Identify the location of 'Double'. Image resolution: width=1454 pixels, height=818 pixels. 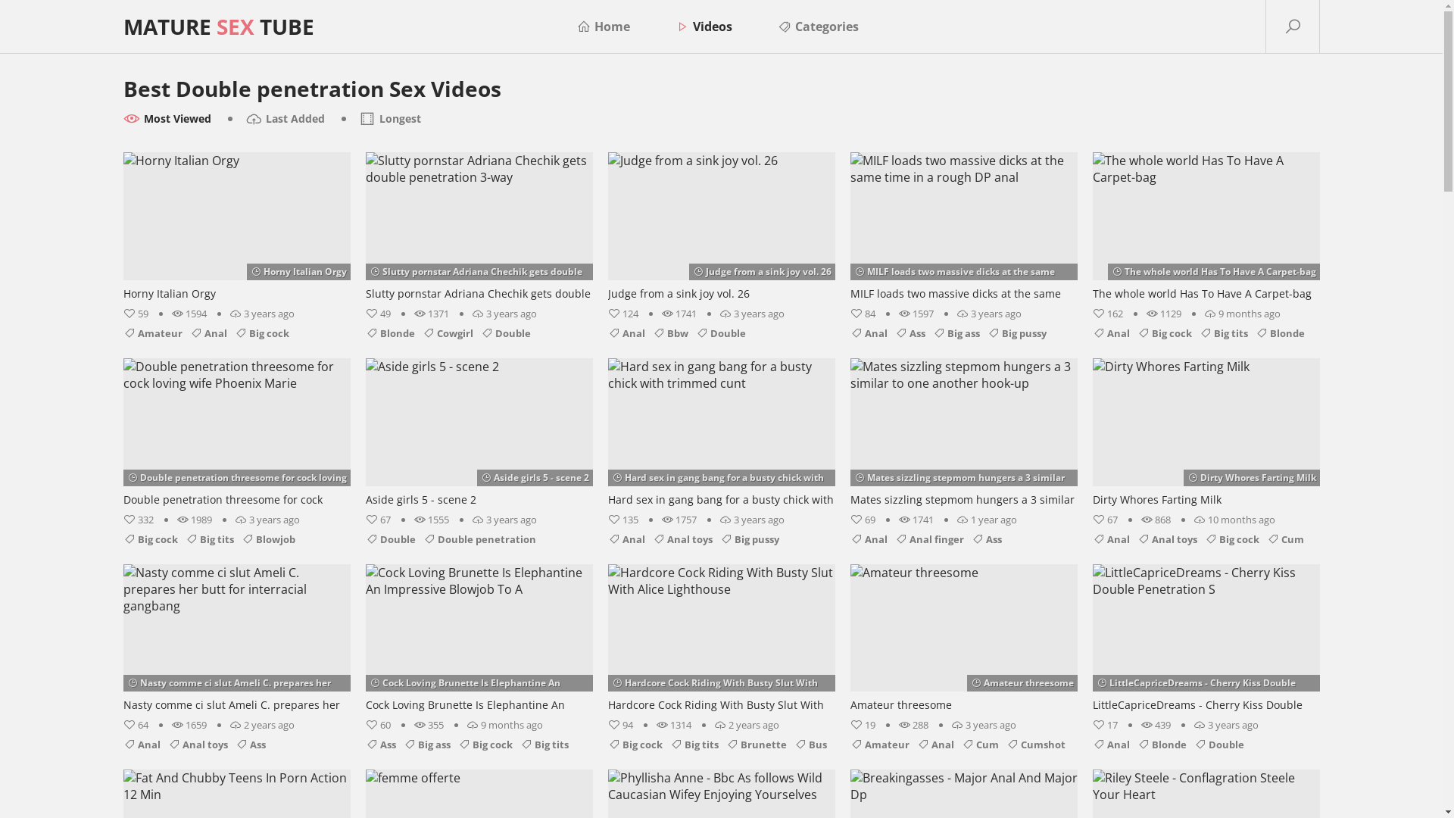
(364, 537).